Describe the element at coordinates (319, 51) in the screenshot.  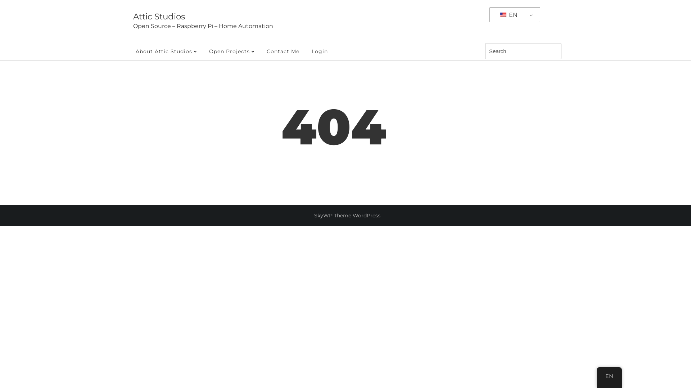
I see `'Login'` at that location.